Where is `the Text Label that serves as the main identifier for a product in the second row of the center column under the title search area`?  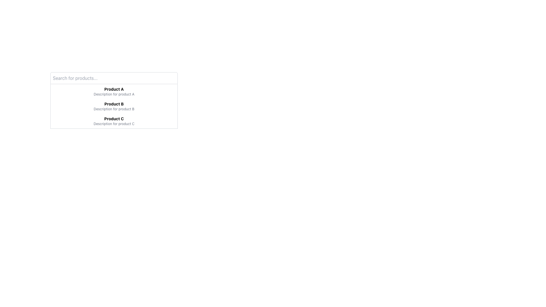
the Text Label that serves as the main identifier for a product in the second row of the center column under the title search area is located at coordinates (114, 104).